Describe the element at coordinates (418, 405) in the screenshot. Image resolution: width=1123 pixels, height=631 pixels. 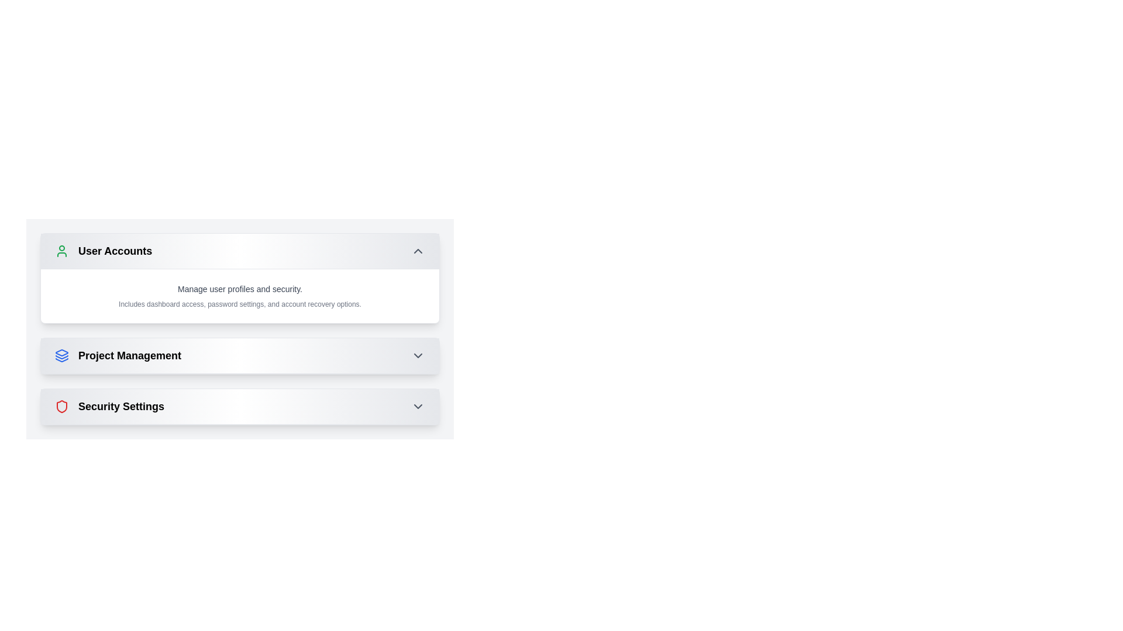
I see `the downward chevron icon located at the far right of the 'Security Settings' section header` at that location.